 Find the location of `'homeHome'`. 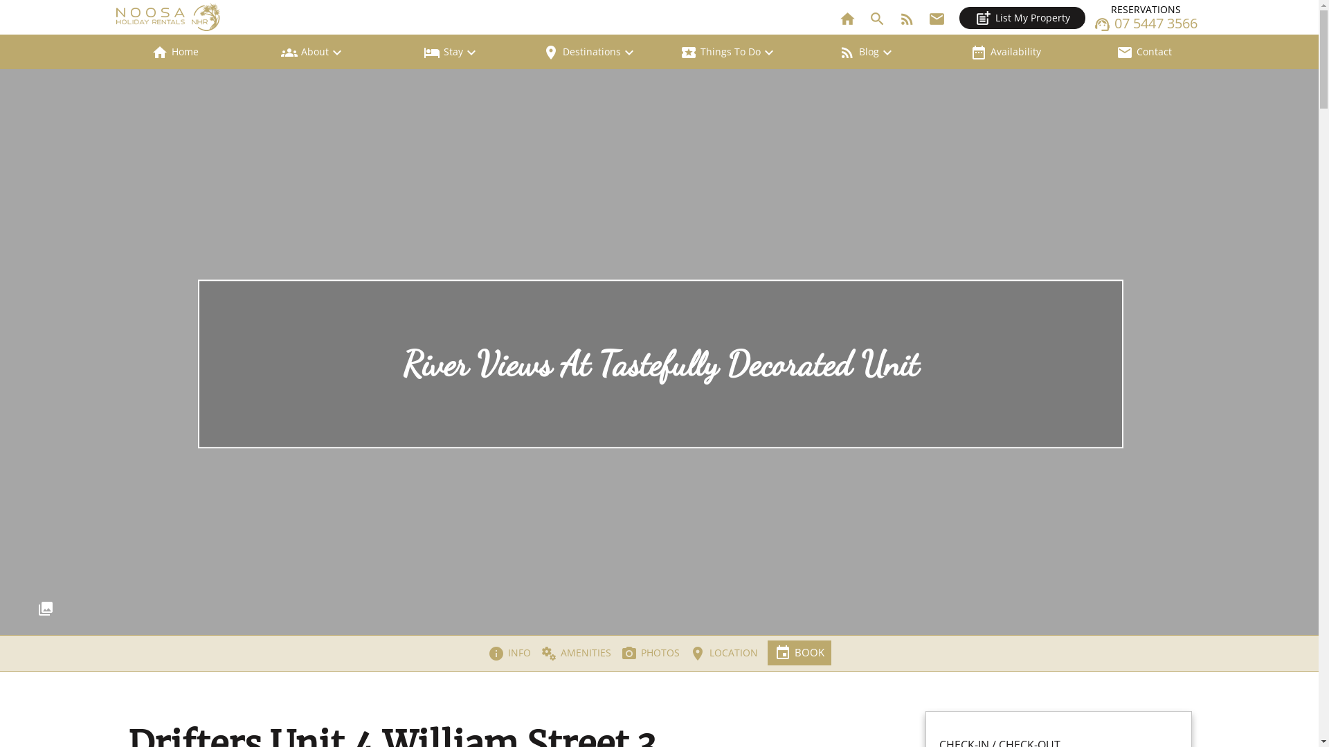

'homeHome' is located at coordinates (105, 50).